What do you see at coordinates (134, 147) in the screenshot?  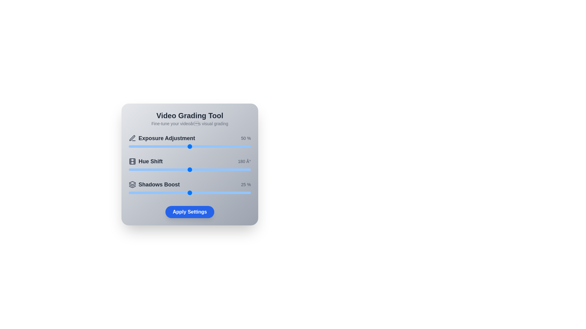 I see `the exposure adjustment` at bounding box center [134, 147].